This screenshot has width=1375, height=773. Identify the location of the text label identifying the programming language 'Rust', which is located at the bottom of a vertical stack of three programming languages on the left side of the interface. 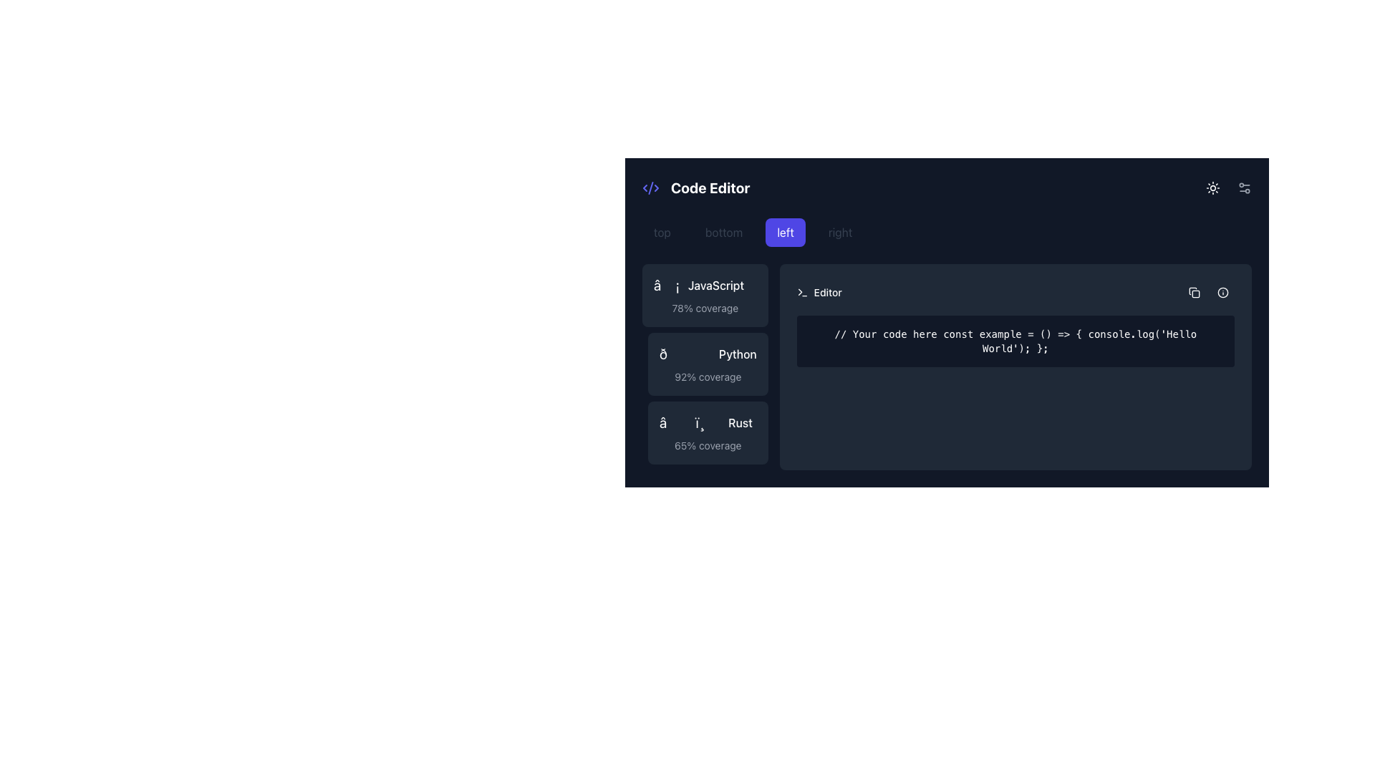
(740, 422).